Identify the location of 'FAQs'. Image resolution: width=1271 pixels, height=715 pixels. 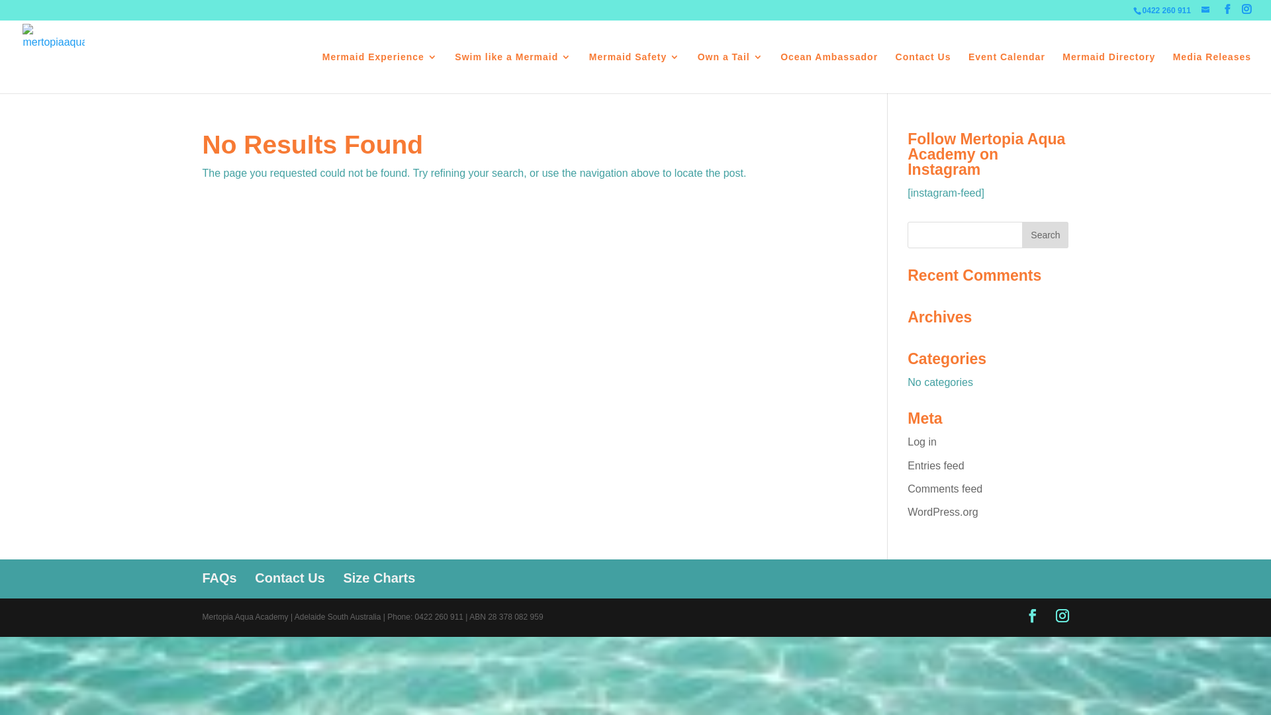
(219, 577).